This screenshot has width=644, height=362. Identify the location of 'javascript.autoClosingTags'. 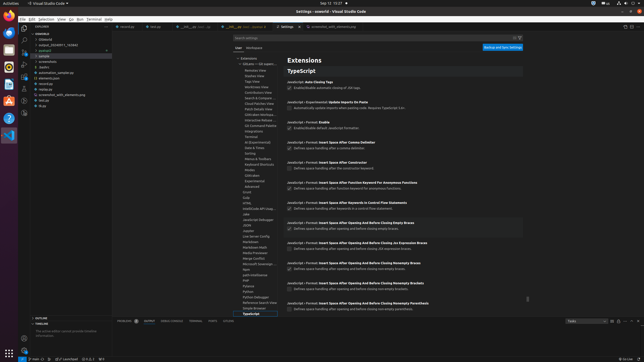
(289, 88).